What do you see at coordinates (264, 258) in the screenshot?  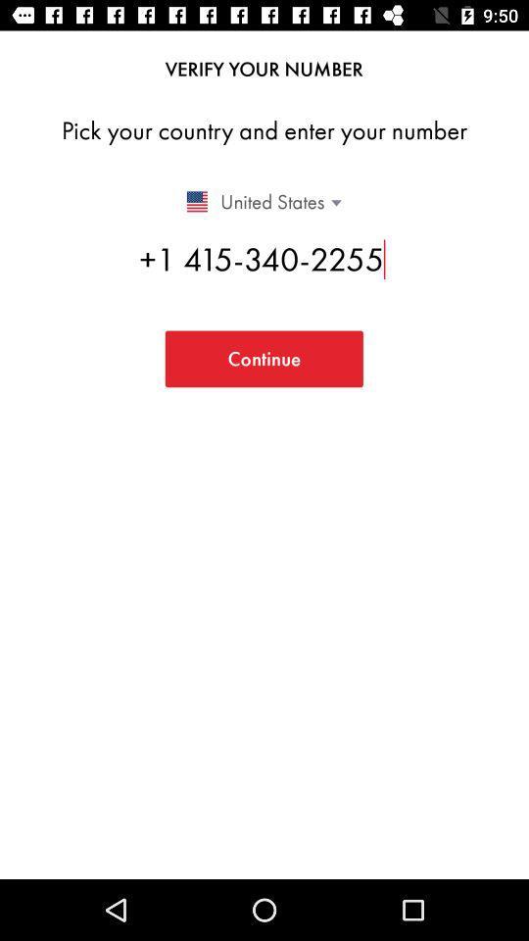 I see `1 415 340` at bounding box center [264, 258].